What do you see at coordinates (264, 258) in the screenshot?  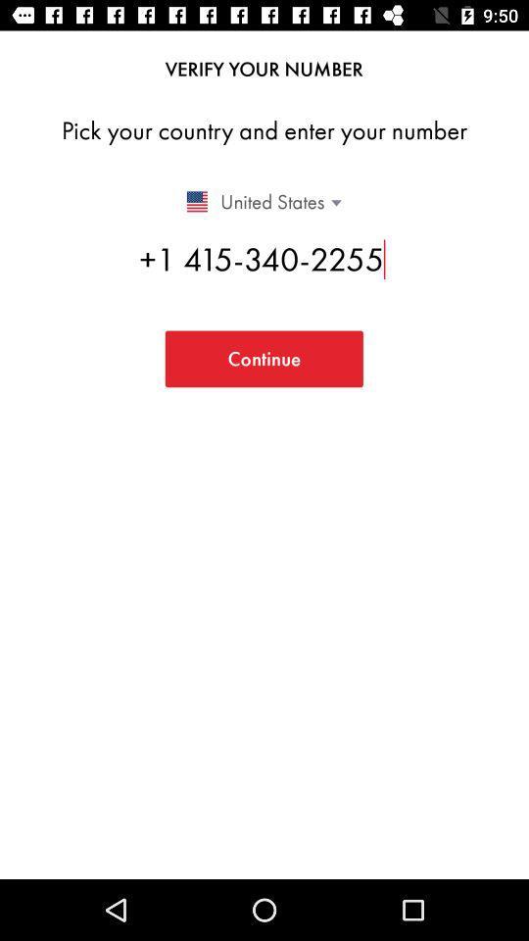 I see `1 415 340` at bounding box center [264, 258].